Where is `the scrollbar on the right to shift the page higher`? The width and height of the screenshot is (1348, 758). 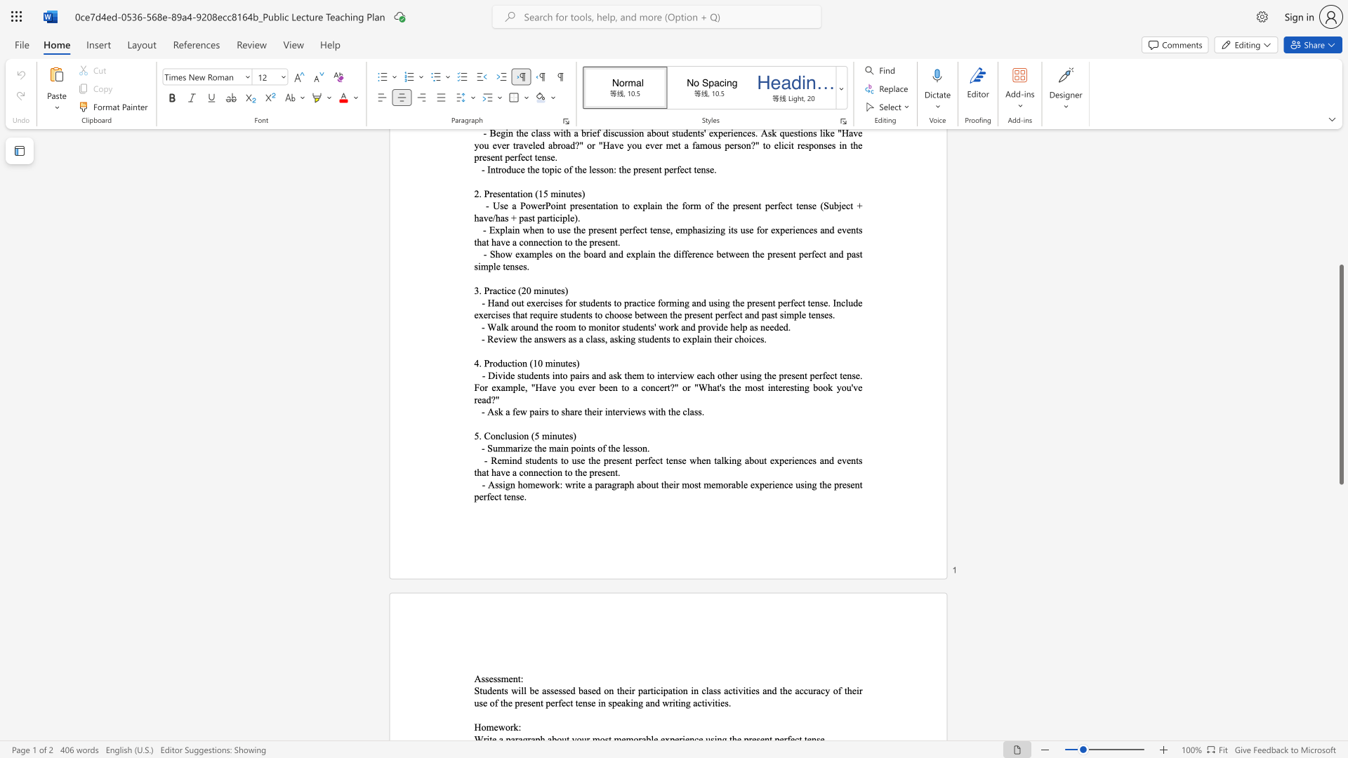 the scrollbar on the right to shift the page higher is located at coordinates (1340, 231).